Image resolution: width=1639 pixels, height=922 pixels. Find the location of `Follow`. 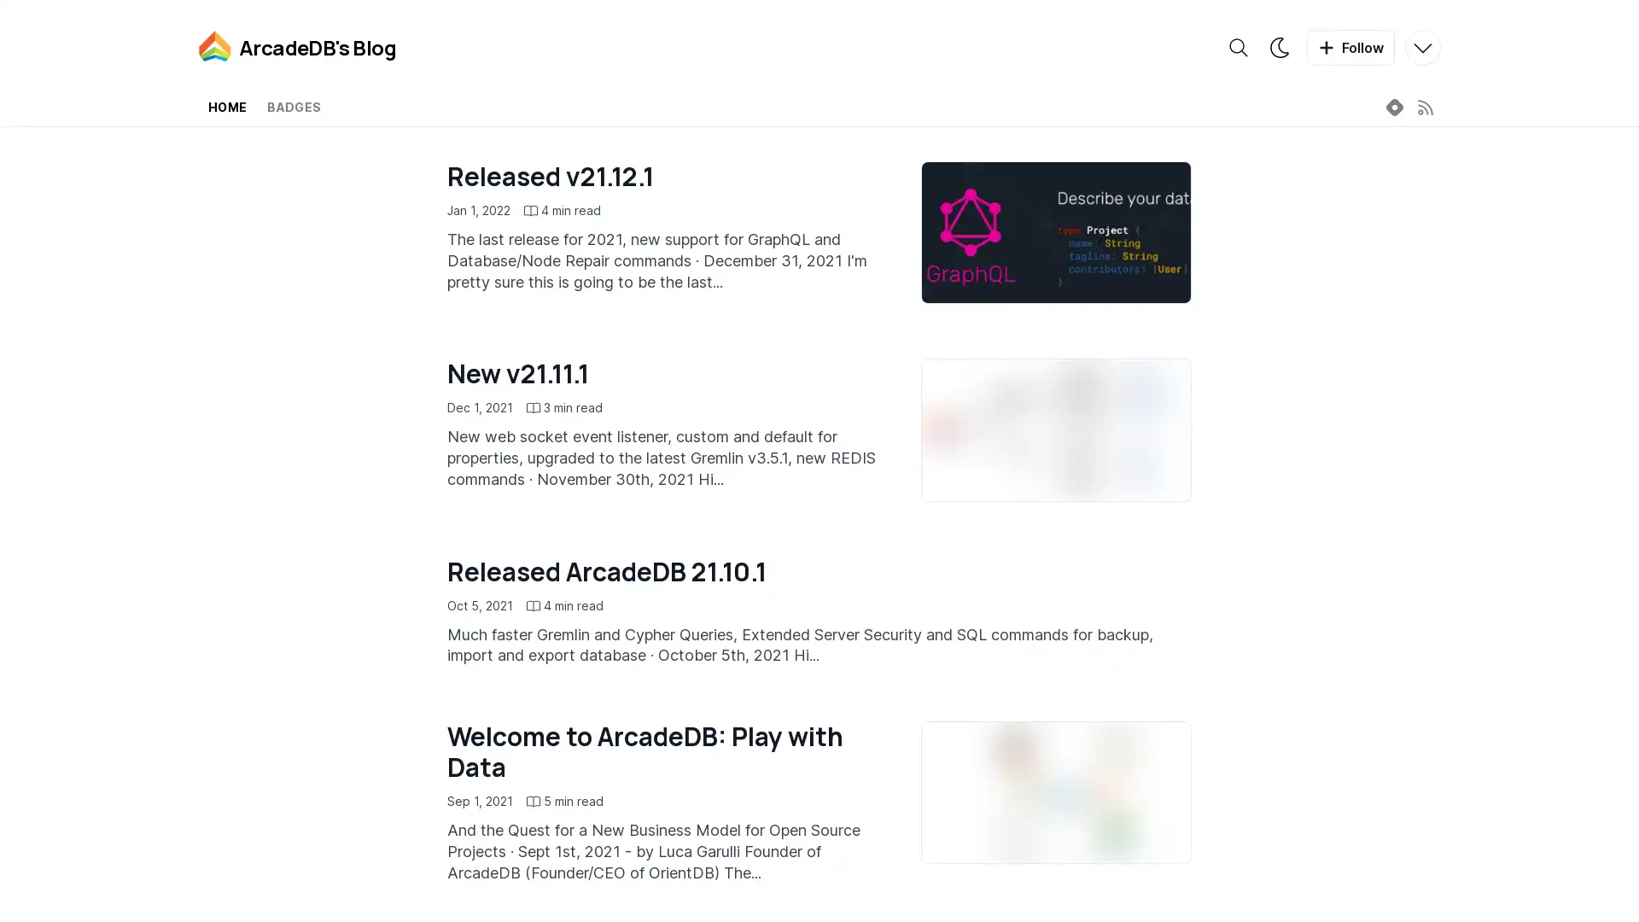

Follow is located at coordinates (1350, 47).